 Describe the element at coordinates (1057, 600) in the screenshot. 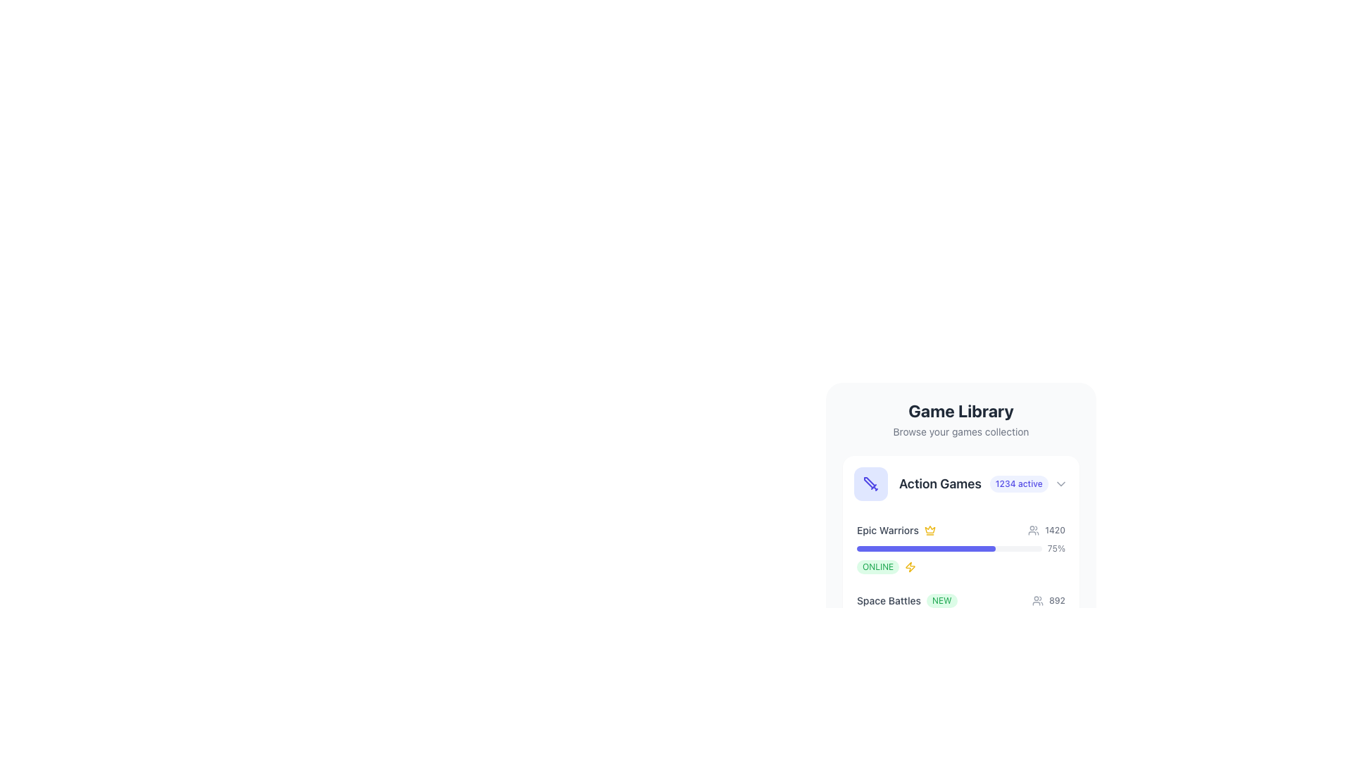

I see `the non-interactive text display component that shows a numeric value for the 'Space Battles' item in the 'Action Games' category, located adjacent to the user silhouettes icon` at that location.